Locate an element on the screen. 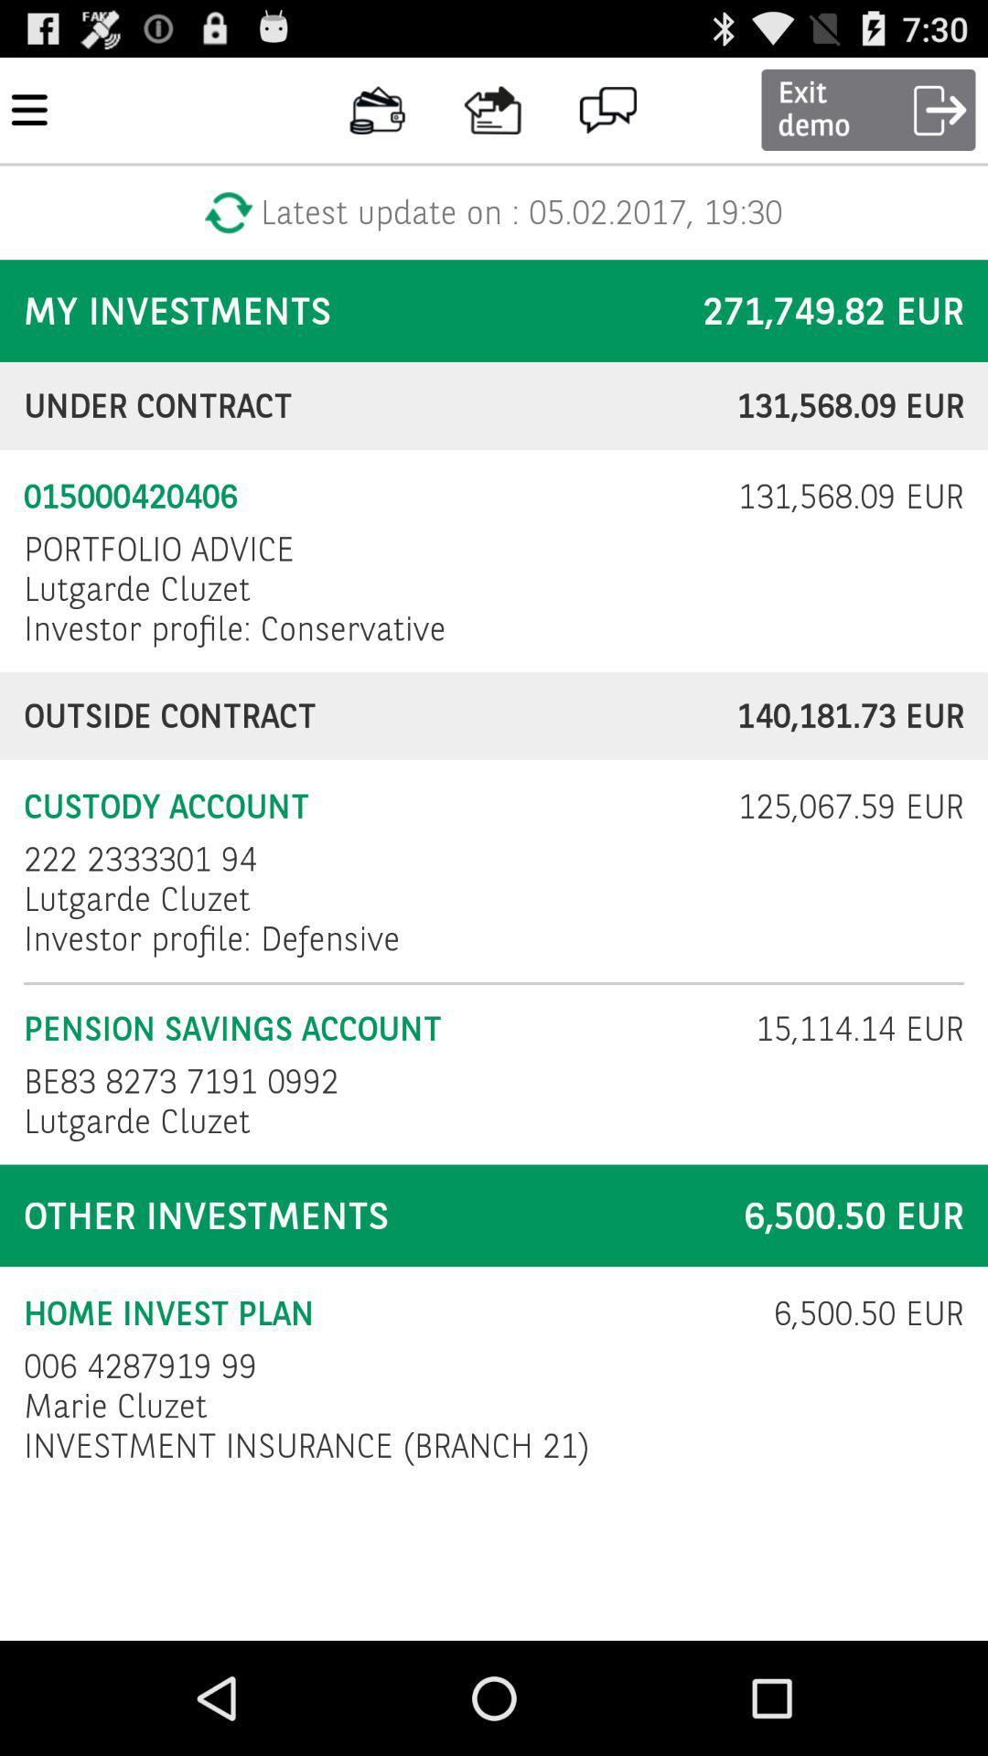 Image resolution: width=988 pixels, height=1756 pixels. the 125 067 59 checkbox is located at coordinates (839, 806).